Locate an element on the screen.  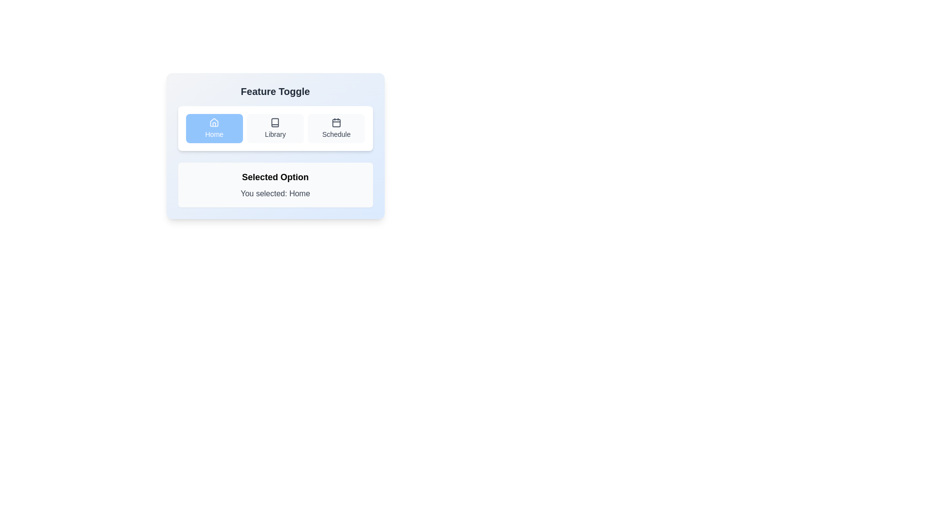
the 'Home' button icon, which is centrally positioned within the button and serves as a visual cue for navigating to the home page or main menu is located at coordinates (214, 122).